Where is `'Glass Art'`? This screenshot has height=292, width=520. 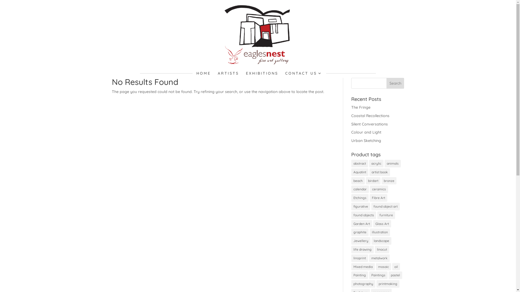
'Glass Art' is located at coordinates (382, 224).